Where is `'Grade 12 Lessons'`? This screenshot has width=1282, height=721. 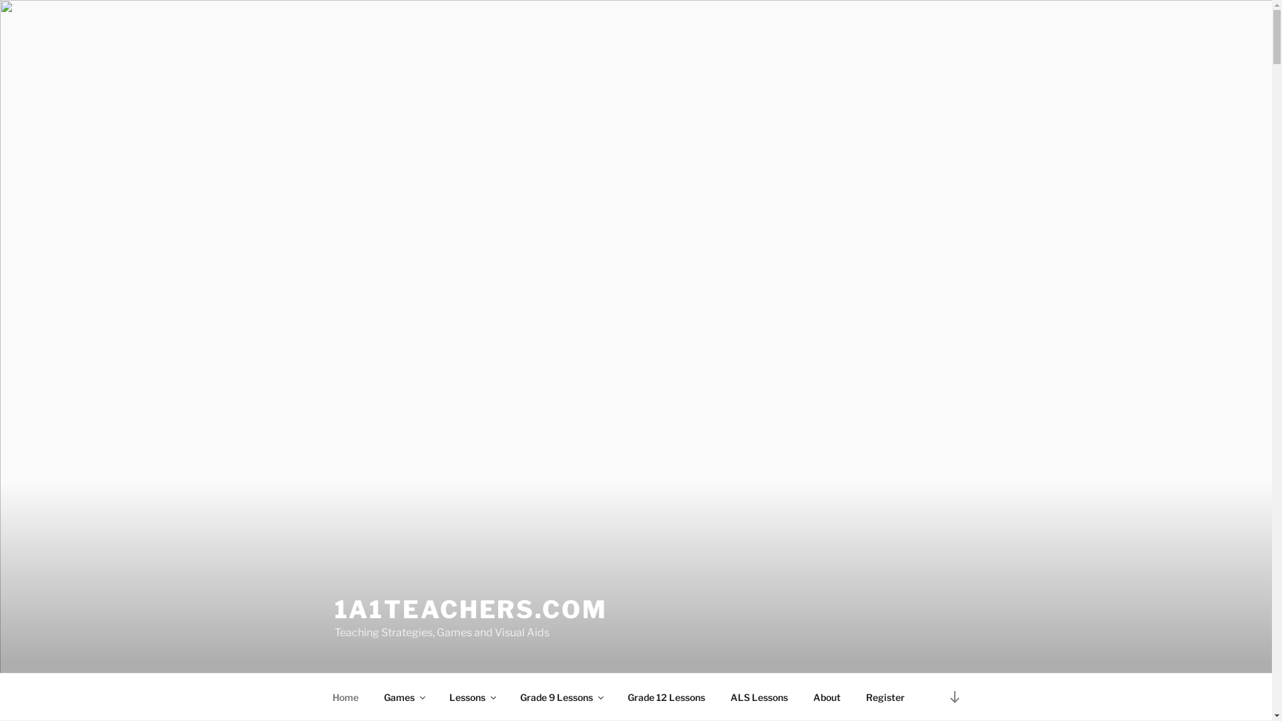
'Grade 12 Lessons' is located at coordinates (666, 696).